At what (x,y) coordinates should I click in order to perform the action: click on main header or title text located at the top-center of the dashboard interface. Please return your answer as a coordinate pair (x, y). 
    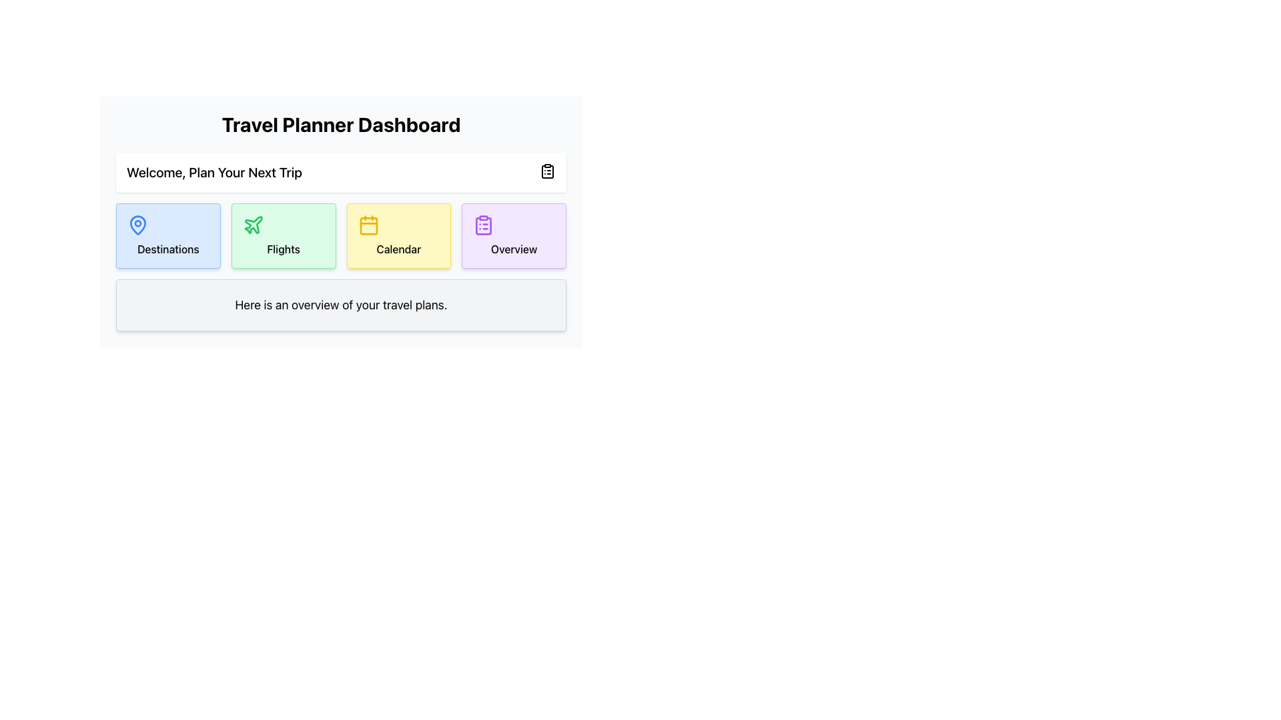
    Looking at the image, I should click on (341, 124).